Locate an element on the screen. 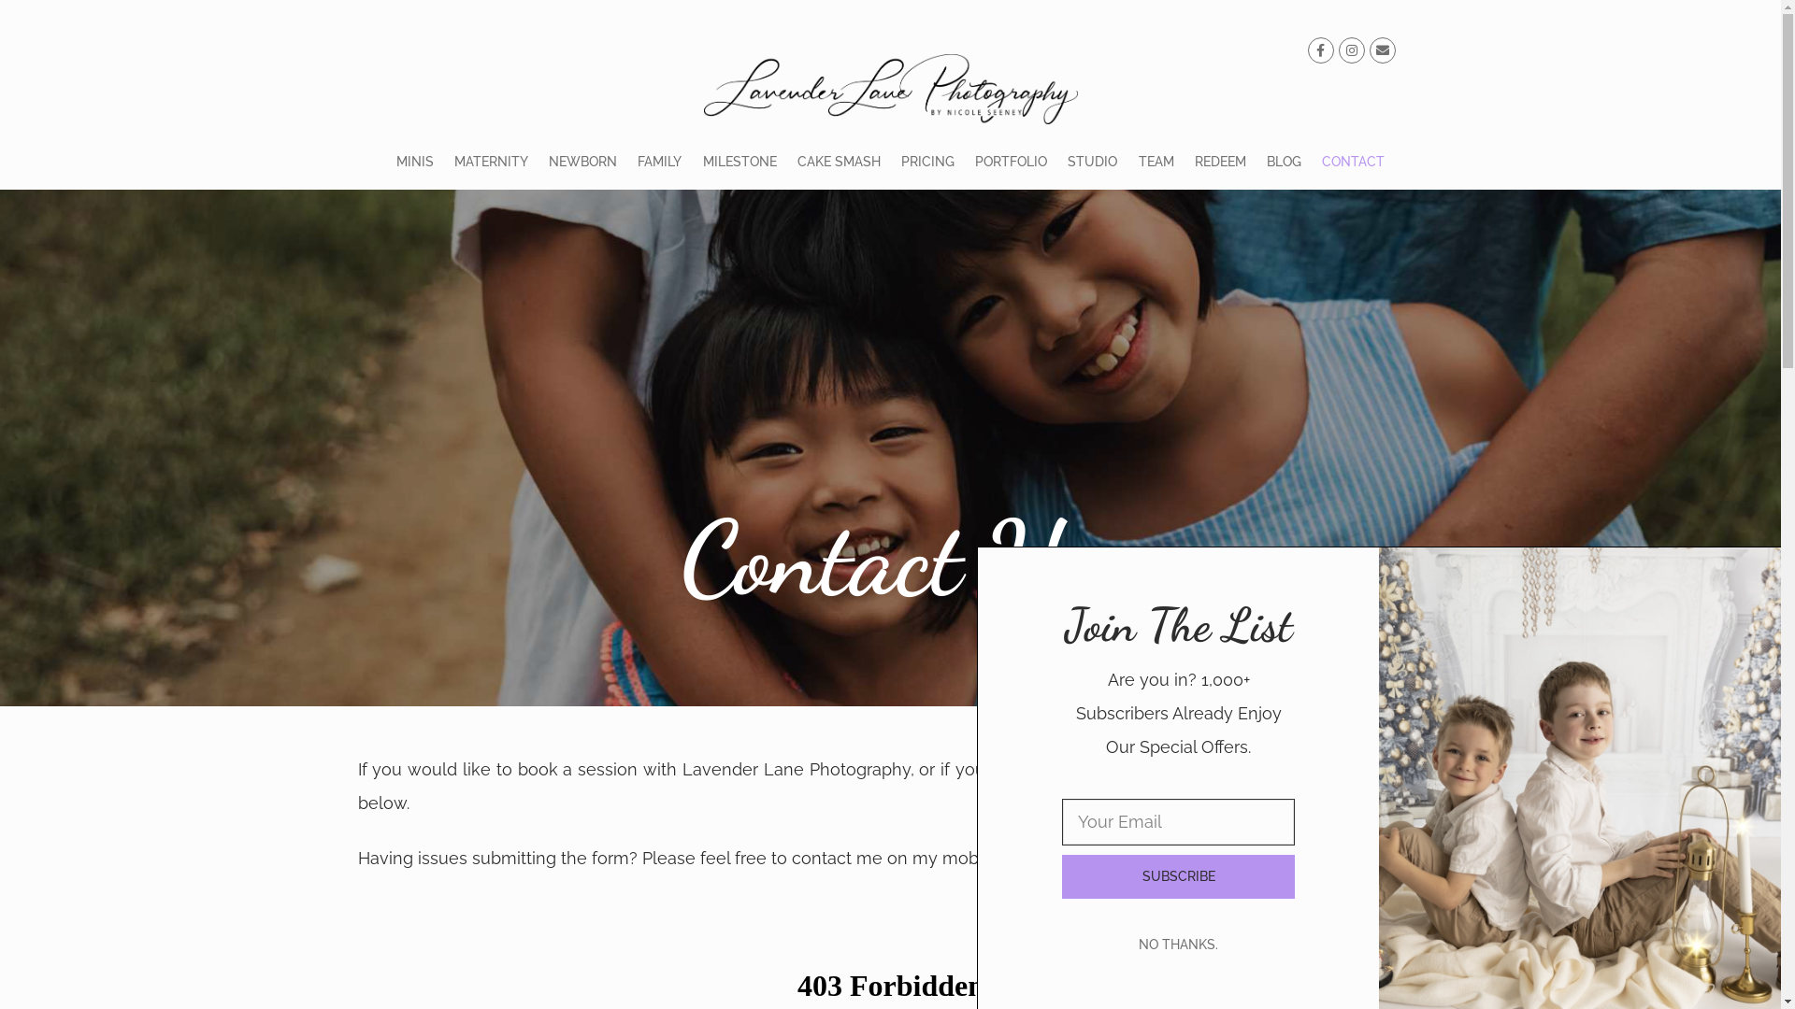 The width and height of the screenshot is (1795, 1009). 'MINIS' is located at coordinates (412, 161).